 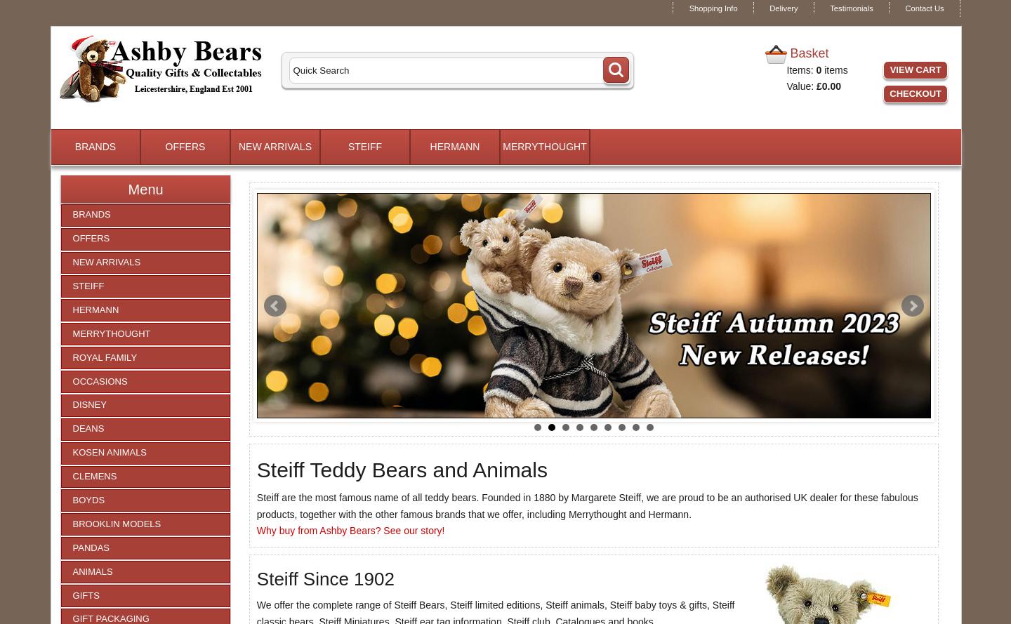 What do you see at coordinates (349, 530) in the screenshot?
I see `'Why buy from Ashby Bears? See our story!'` at bounding box center [349, 530].